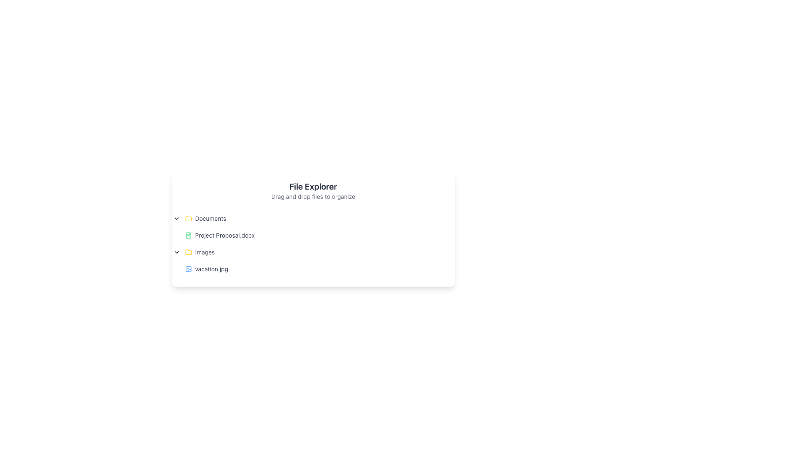  I want to click on the static text label that identifies the name of the file in the file explorer, located immediately after the green file icon in the 'Documents' folder, so click(225, 236).